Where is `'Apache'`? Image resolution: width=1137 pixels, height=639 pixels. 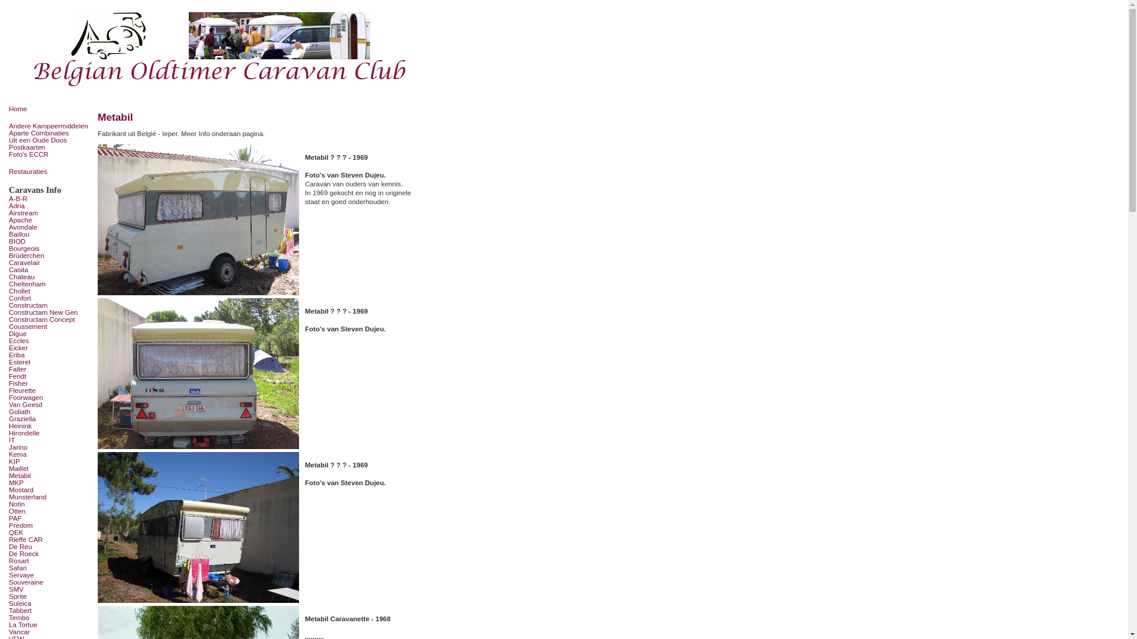
'Apache' is located at coordinates (50, 220).